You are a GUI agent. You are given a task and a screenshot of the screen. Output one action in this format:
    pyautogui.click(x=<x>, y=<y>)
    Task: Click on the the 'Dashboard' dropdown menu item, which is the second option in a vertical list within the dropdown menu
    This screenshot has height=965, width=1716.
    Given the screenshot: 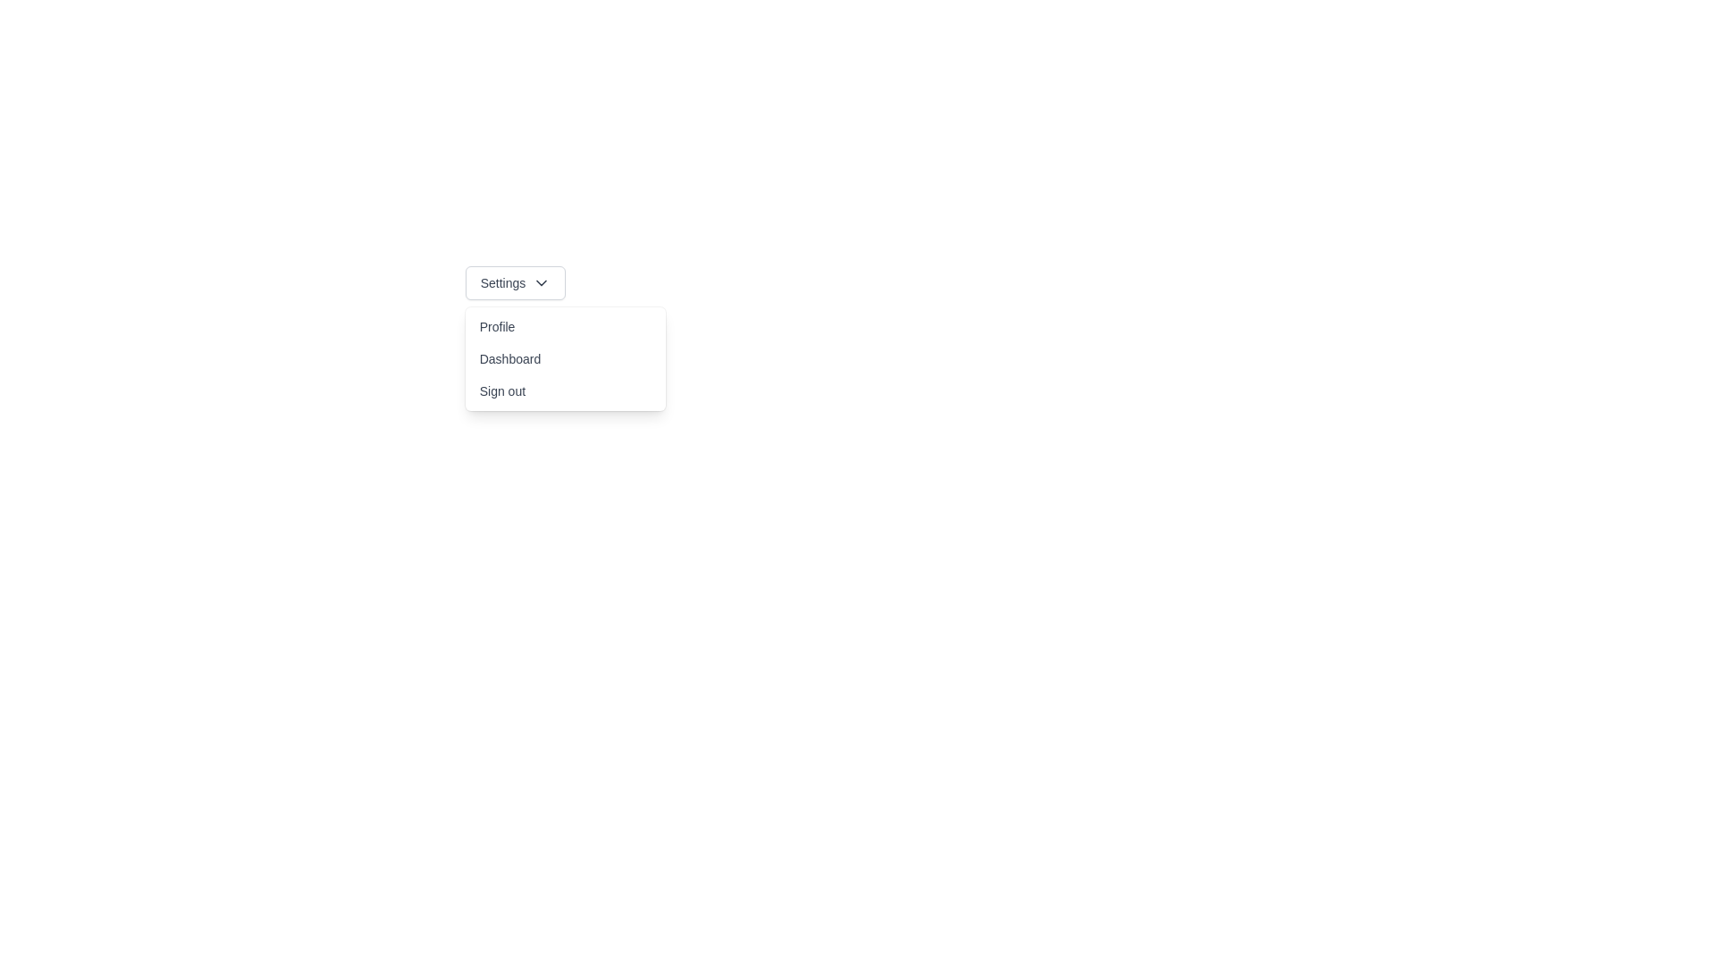 What is the action you would take?
    pyautogui.click(x=564, y=358)
    